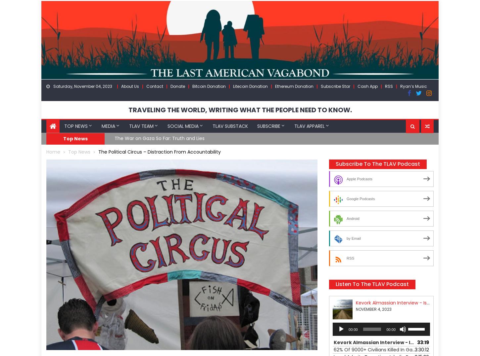  What do you see at coordinates (414, 349) in the screenshot?
I see `'3:30:12'` at bounding box center [414, 349].